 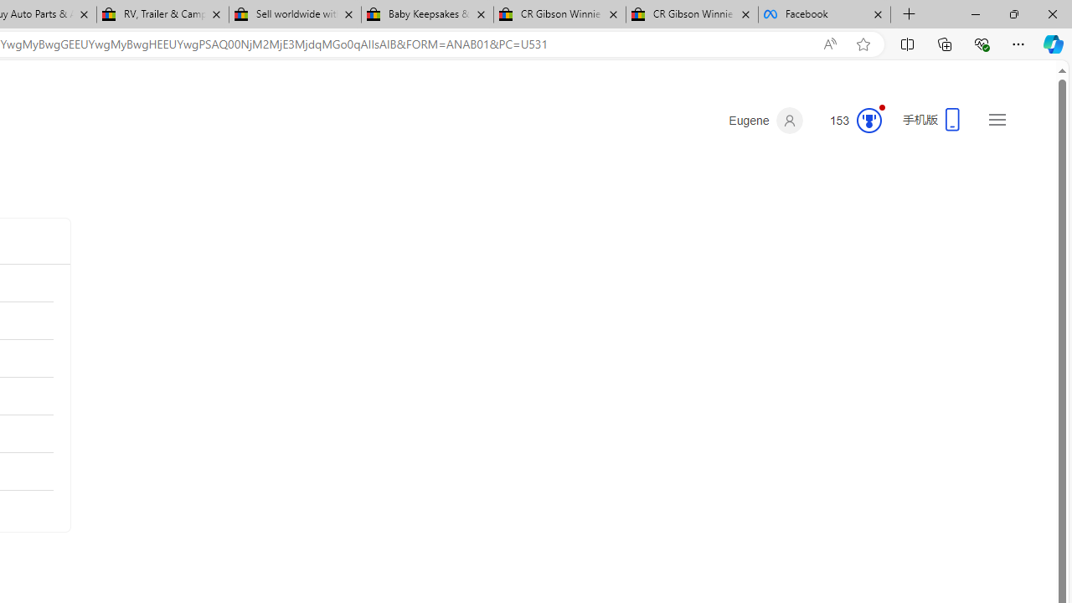 I want to click on 'Sell worldwide with eBay', so click(x=295, y=14).